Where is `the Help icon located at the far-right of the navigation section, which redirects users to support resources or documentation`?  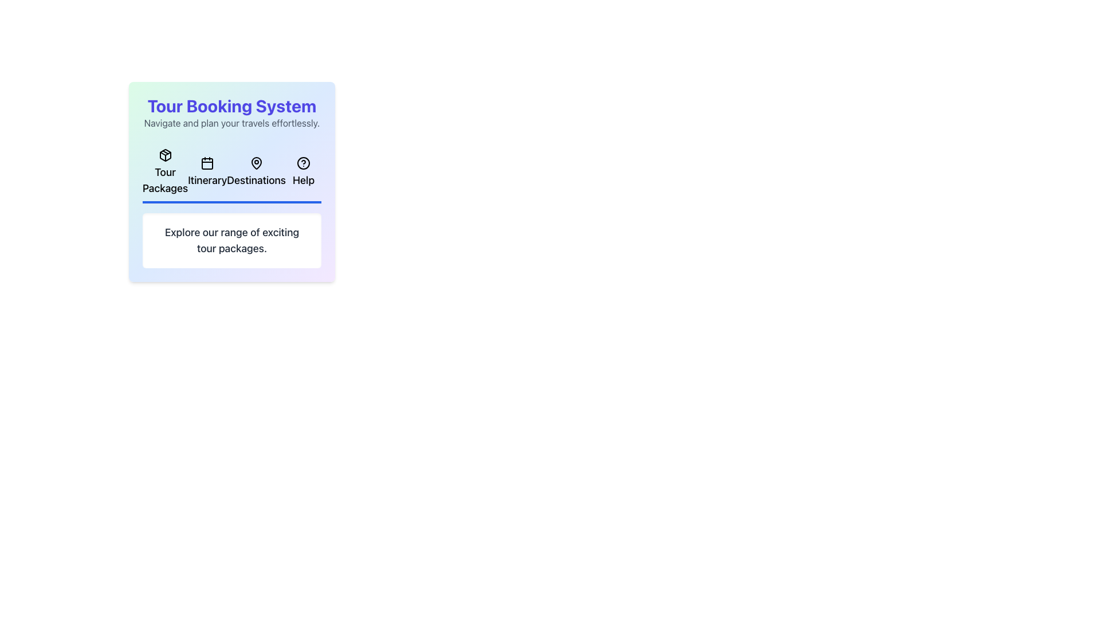 the Help icon located at the far-right of the navigation section, which redirects users to support resources or documentation is located at coordinates (303, 163).